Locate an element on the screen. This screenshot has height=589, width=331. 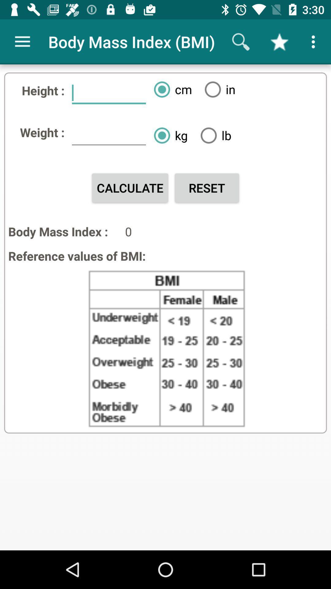
the item to the left of the kg icon is located at coordinates (108, 135).